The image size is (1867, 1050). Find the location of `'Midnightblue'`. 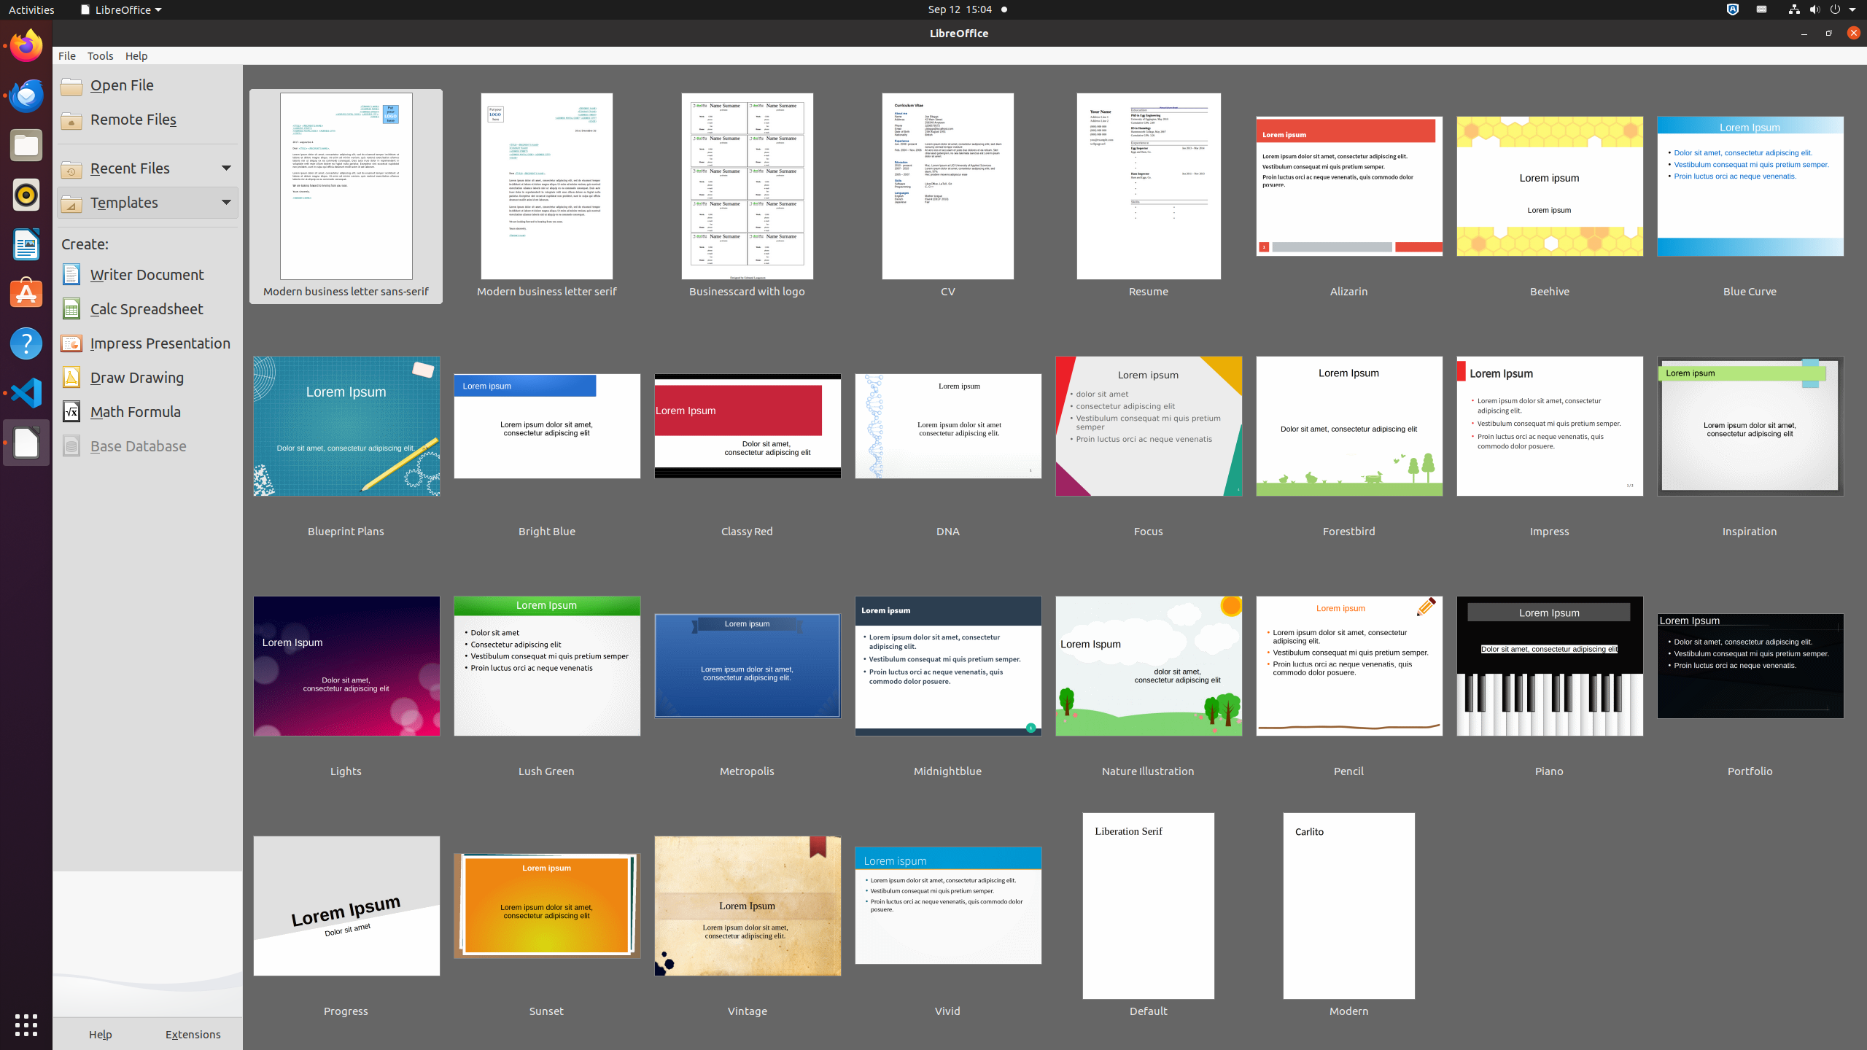

'Midnightblue' is located at coordinates (947, 675).